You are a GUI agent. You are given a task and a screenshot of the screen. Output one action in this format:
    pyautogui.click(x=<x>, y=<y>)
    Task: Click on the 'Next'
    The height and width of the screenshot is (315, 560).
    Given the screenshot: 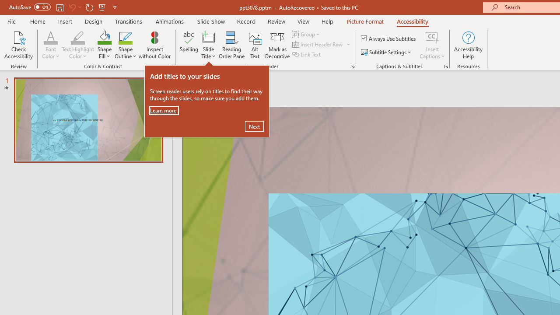 What is the action you would take?
    pyautogui.click(x=254, y=126)
    